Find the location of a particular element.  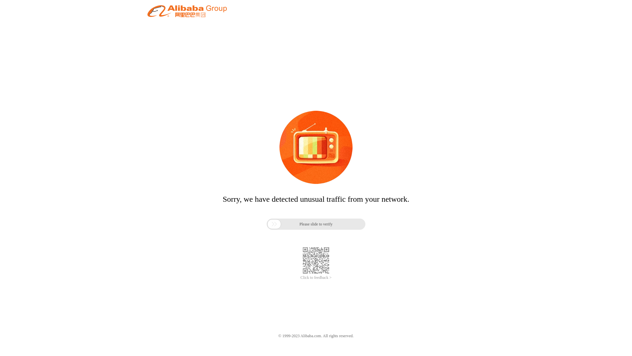

'Click to feedback >' is located at coordinates (316, 278).